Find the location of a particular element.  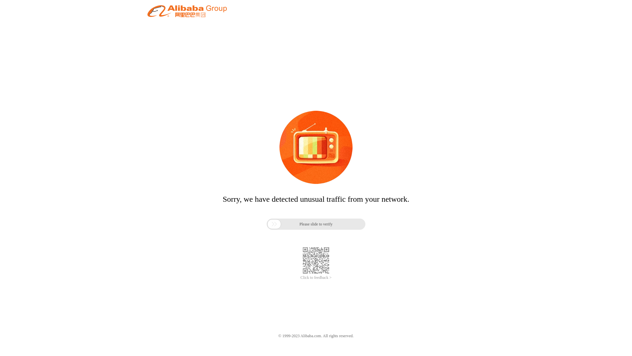

'Click to feedback >' is located at coordinates (316, 278).